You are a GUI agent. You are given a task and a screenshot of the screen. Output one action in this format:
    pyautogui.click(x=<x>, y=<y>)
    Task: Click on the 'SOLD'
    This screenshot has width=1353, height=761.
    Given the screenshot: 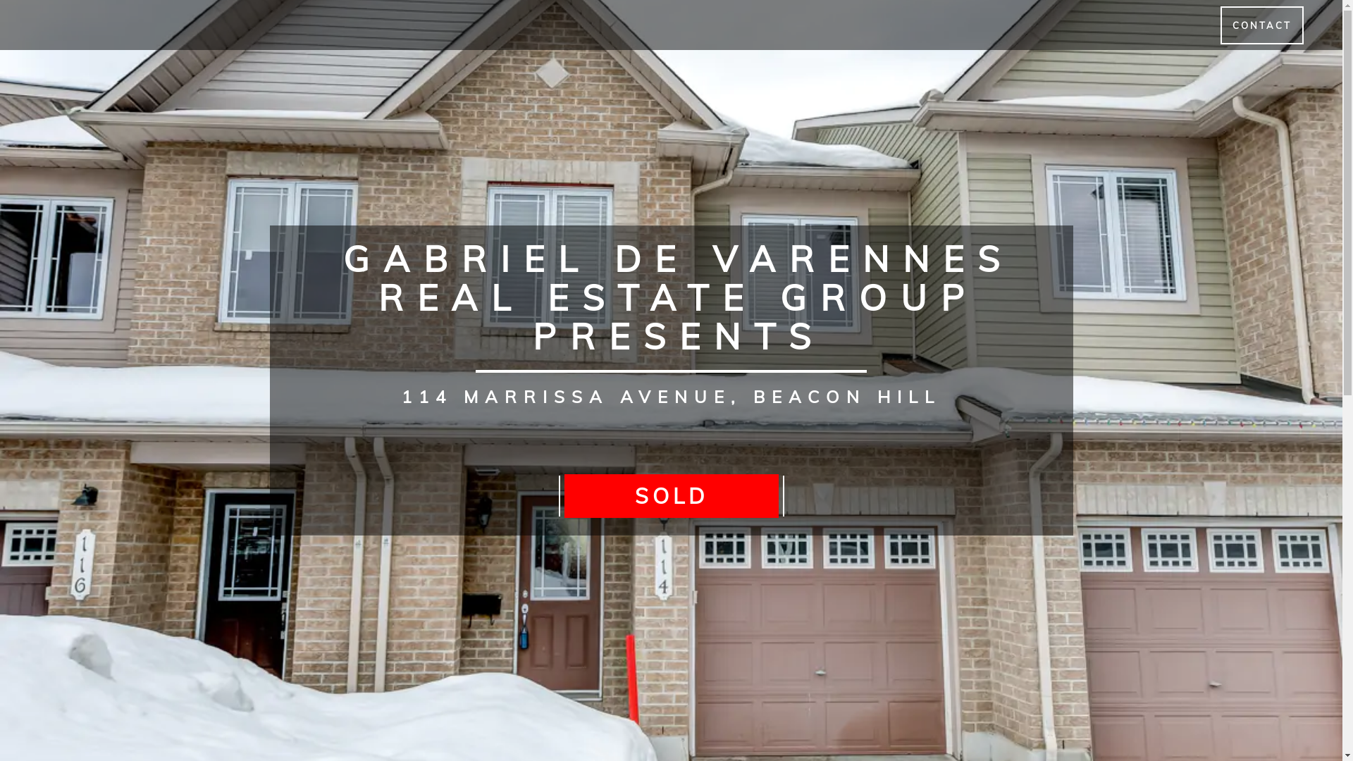 What is the action you would take?
    pyautogui.click(x=669, y=495)
    